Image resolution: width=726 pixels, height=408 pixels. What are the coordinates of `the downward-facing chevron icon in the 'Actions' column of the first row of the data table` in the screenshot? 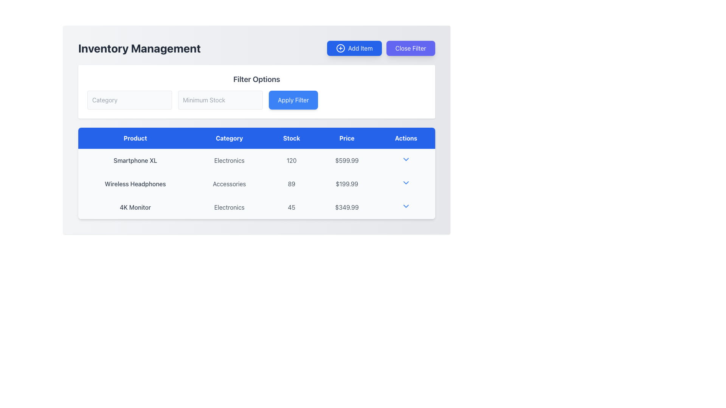 It's located at (406, 159).